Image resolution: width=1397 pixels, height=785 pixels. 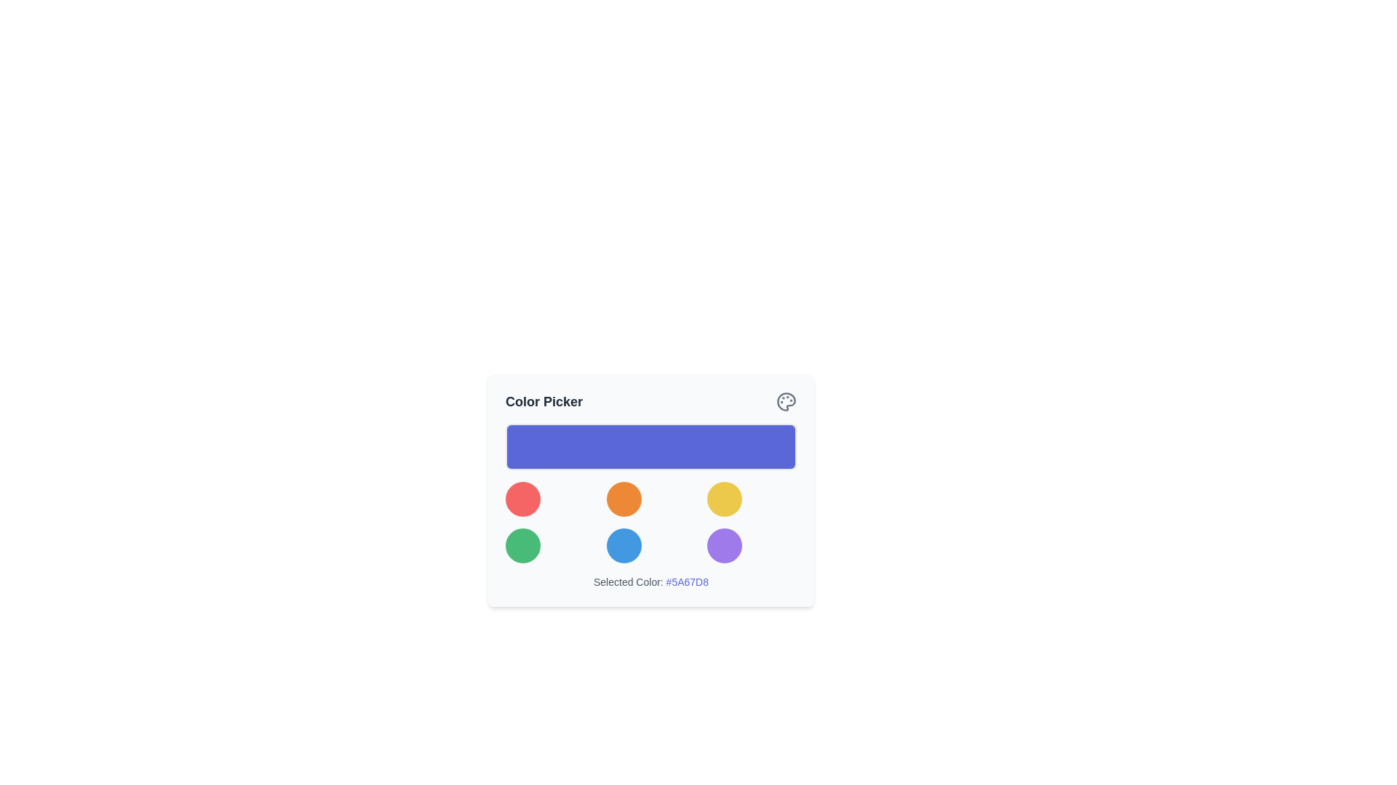 What do you see at coordinates (624, 498) in the screenshot?
I see `the color selection button for orange, which is the second button in the top row of a 3x2 grid layout, positioned between a red button and a yellow button` at bounding box center [624, 498].